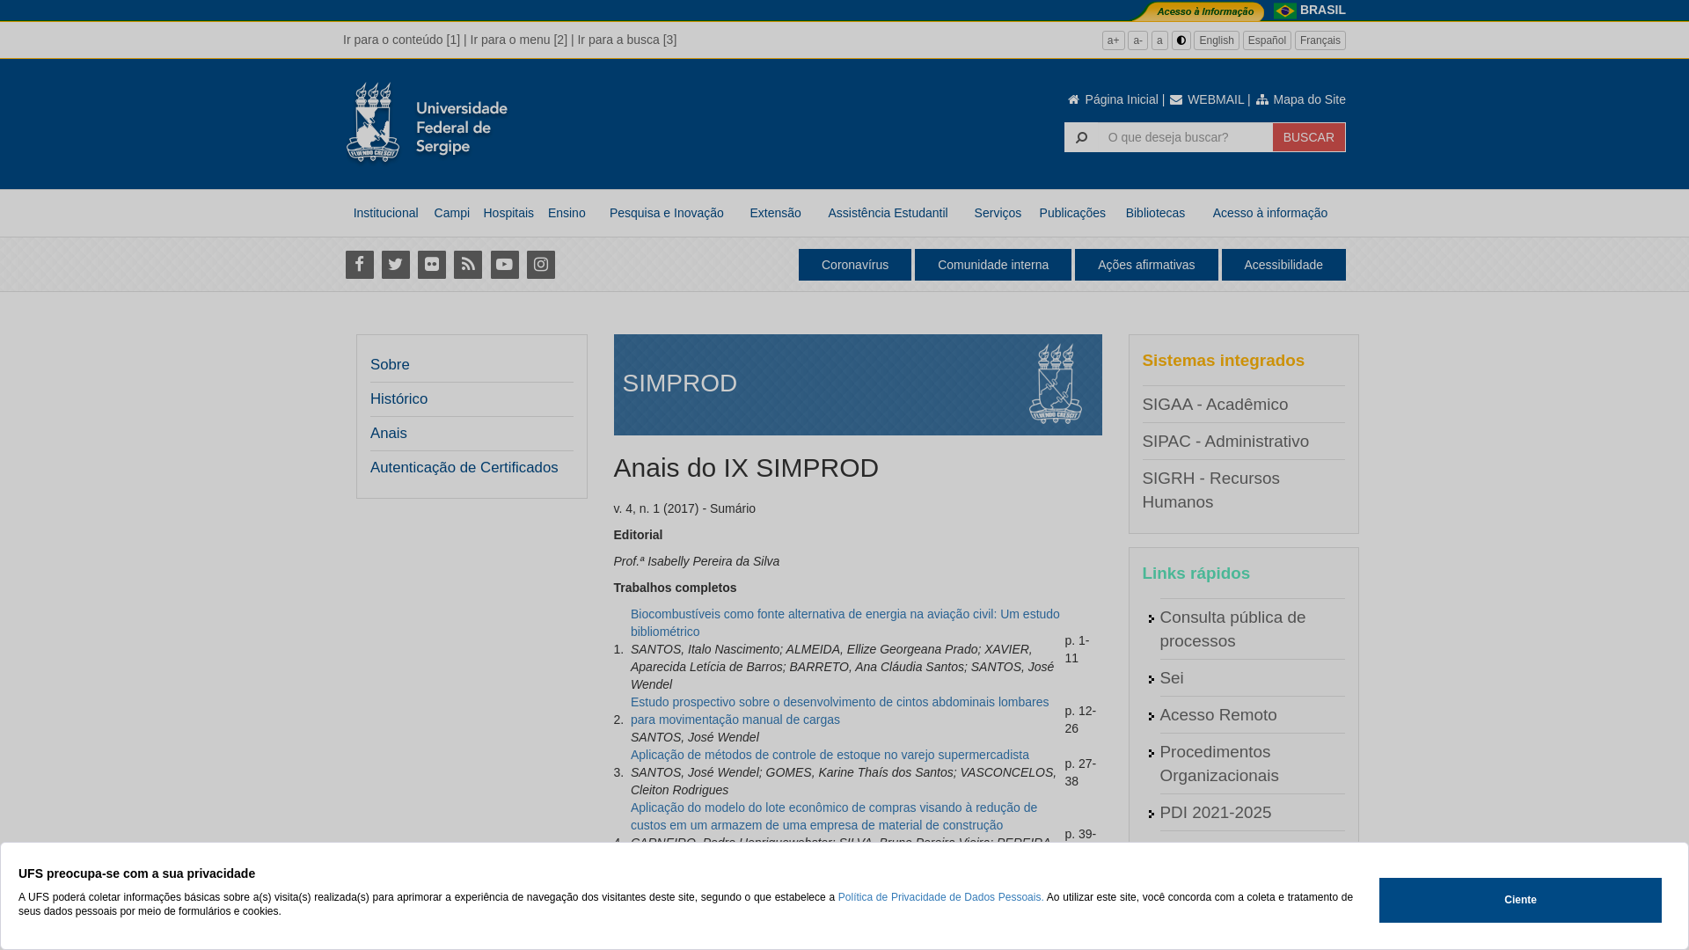 Image resolution: width=1689 pixels, height=950 pixels. What do you see at coordinates (358, 264) in the screenshot?
I see `'Facebook'` at bounding box center [358, 264].